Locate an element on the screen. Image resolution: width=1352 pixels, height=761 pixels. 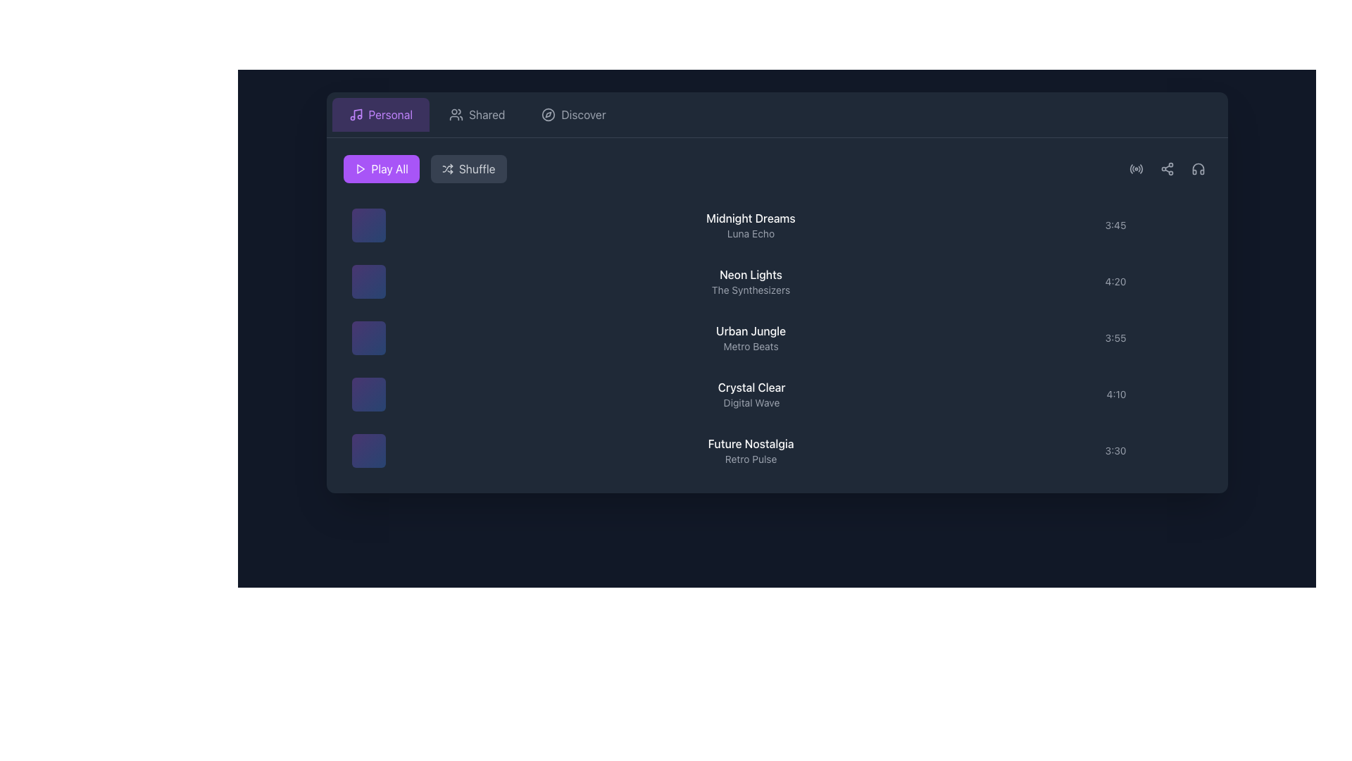
the sharing icon located in the top-right corner of the interface is located at coordinates (1167, 168).